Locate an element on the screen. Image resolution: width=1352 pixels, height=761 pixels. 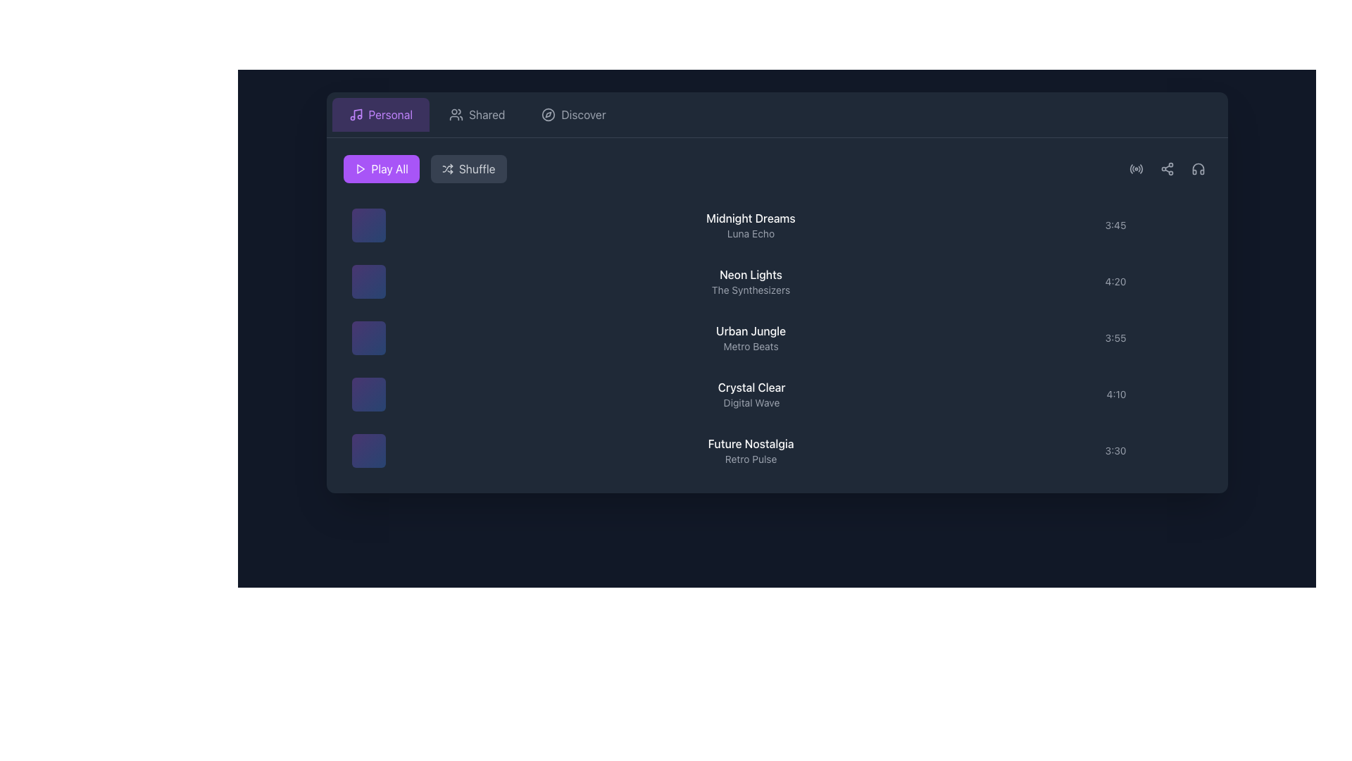
the sharing icon located in the top-right corner of the interface is located at coordinates (1167, 168).